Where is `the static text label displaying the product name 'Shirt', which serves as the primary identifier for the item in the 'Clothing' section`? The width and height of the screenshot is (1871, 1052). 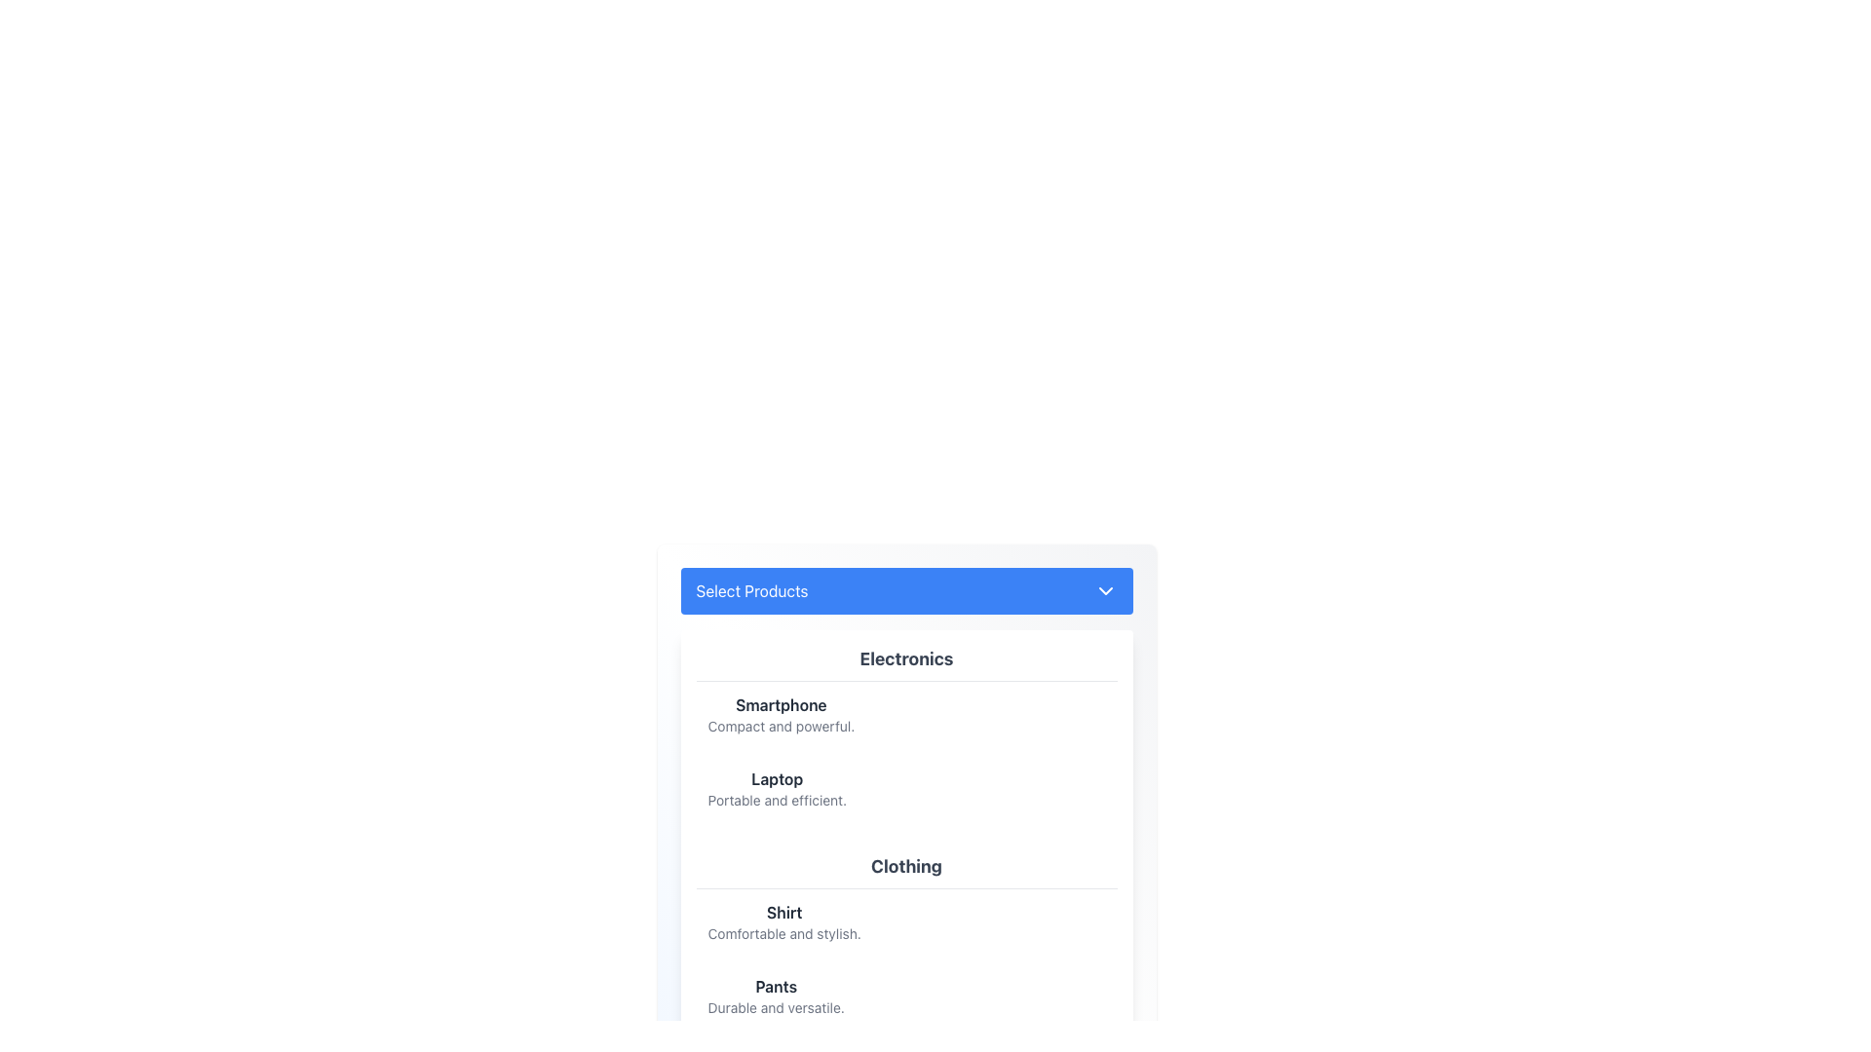
the static text label displaying the product name 'Shirt', which serves as the primary identifier for the item in the 'Clothing' section is located at coordinates (784, 913).